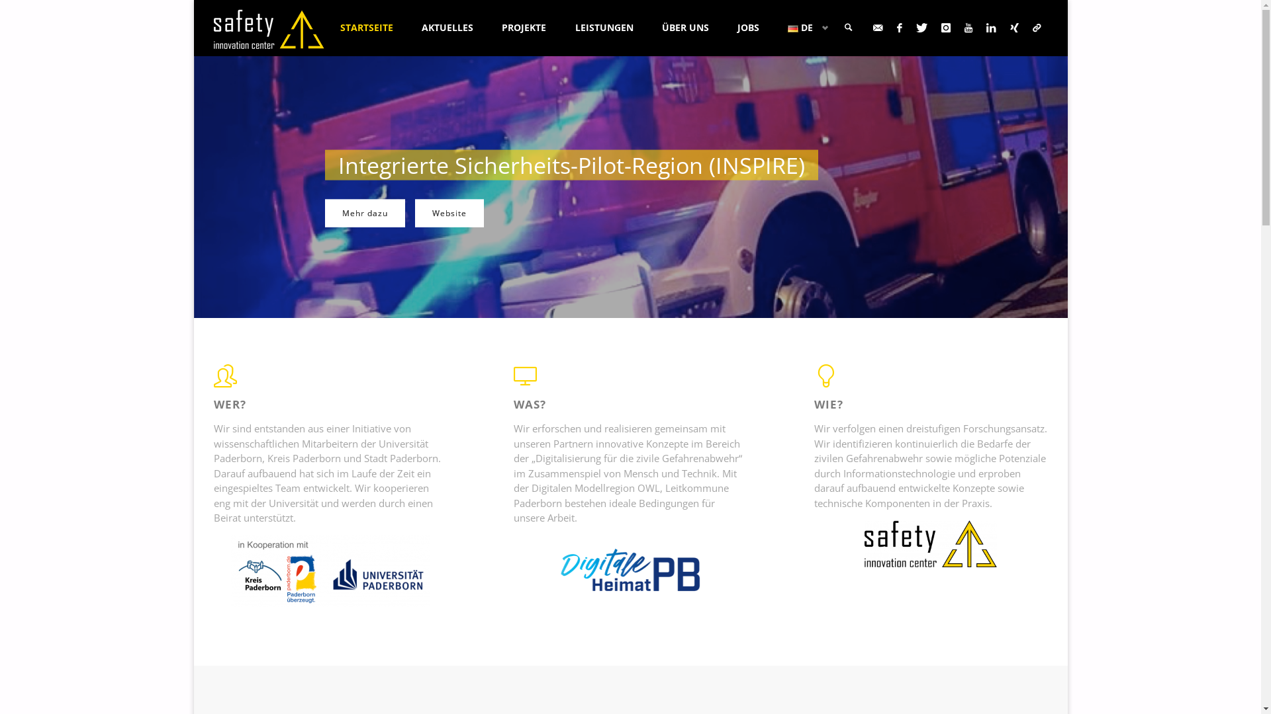 This screenshot has height=714, width=1271. What do you see at coordinates (447, 28) in the screenshot?
I see `'AKTUELLES'` at bounding box center [447, 28].